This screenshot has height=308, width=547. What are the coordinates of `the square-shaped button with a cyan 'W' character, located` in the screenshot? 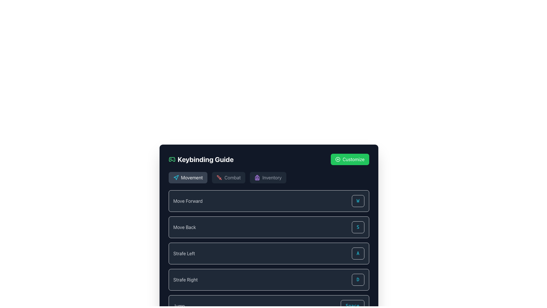 It's located at (358, 201).